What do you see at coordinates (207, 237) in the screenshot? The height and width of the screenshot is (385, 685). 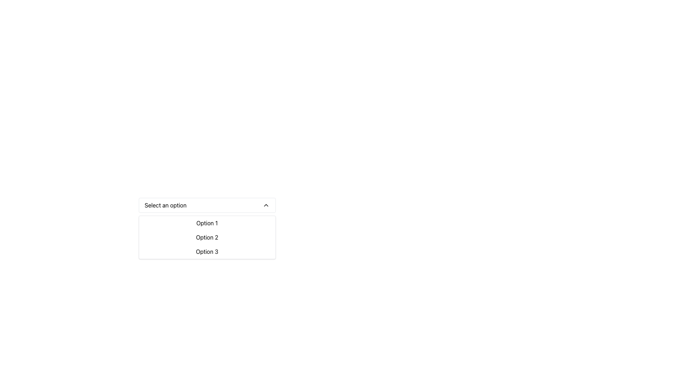 I see `'Option 2' in the dropdown menu which is styled with a white background and rounded corners, located below the 'Select an option' button` at bounding box center [207, 237].